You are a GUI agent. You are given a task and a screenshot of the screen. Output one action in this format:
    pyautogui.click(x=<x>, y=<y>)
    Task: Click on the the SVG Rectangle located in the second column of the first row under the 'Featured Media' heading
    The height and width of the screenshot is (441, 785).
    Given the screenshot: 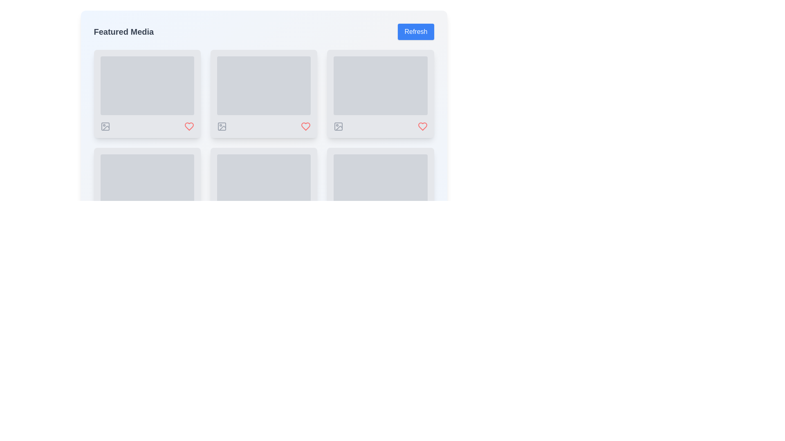 What is the action you would take?
    pyautogui.click(x=222, y=126)
    